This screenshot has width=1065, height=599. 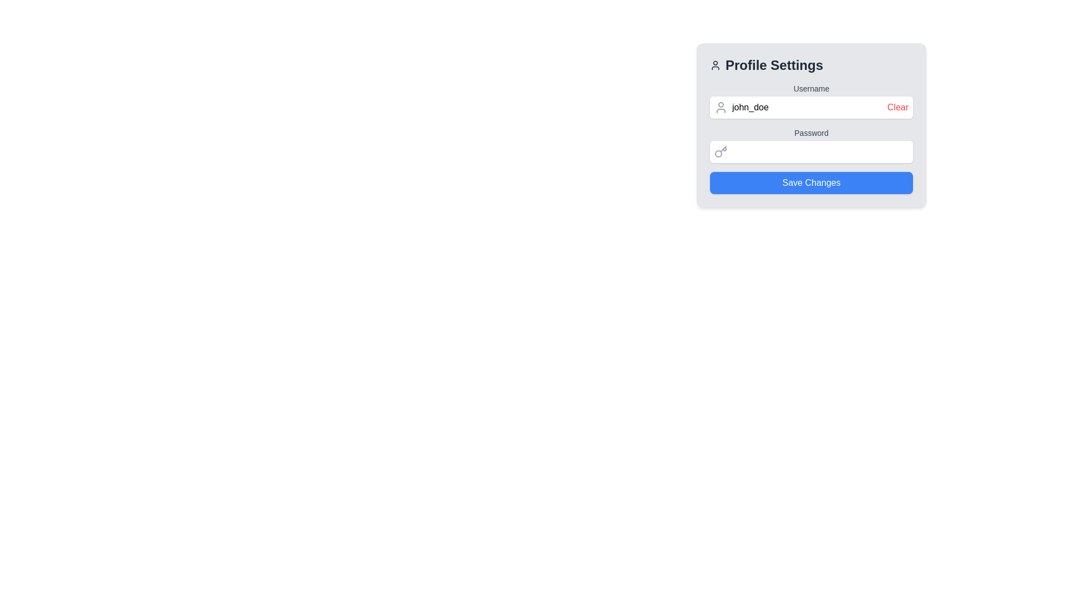 I want to click on the 'Password' static text label displayed in gray color, located in the 'Profile Settings' form above the password input field, so click(x=812, y=132).